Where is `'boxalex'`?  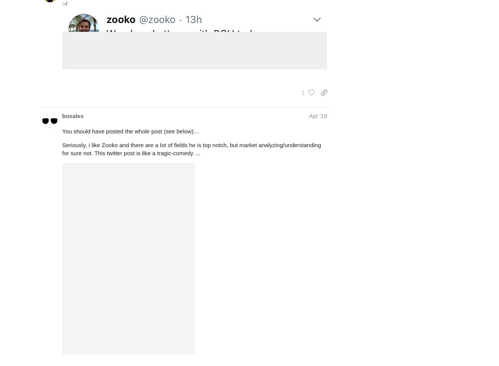 'boxalex' is located at coordinates (73, 116).